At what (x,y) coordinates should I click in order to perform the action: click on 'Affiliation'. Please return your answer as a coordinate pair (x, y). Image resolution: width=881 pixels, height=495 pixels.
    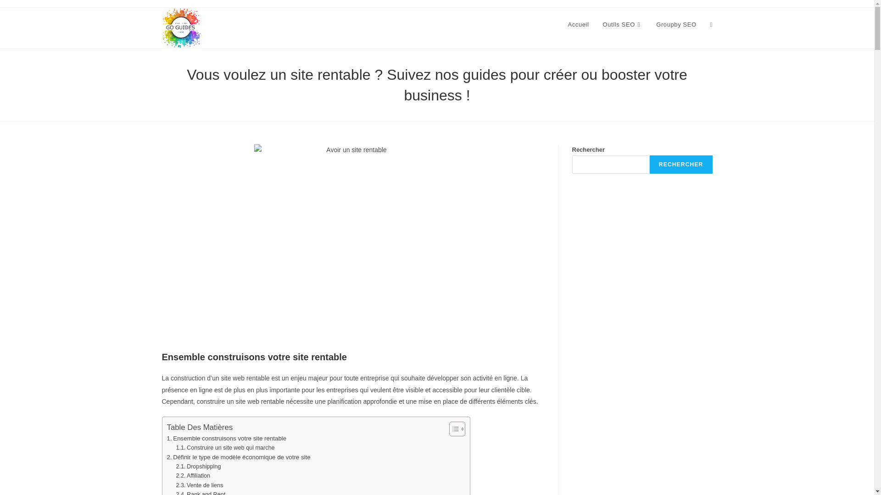
    Looking at the image, I should click on (192, 475).